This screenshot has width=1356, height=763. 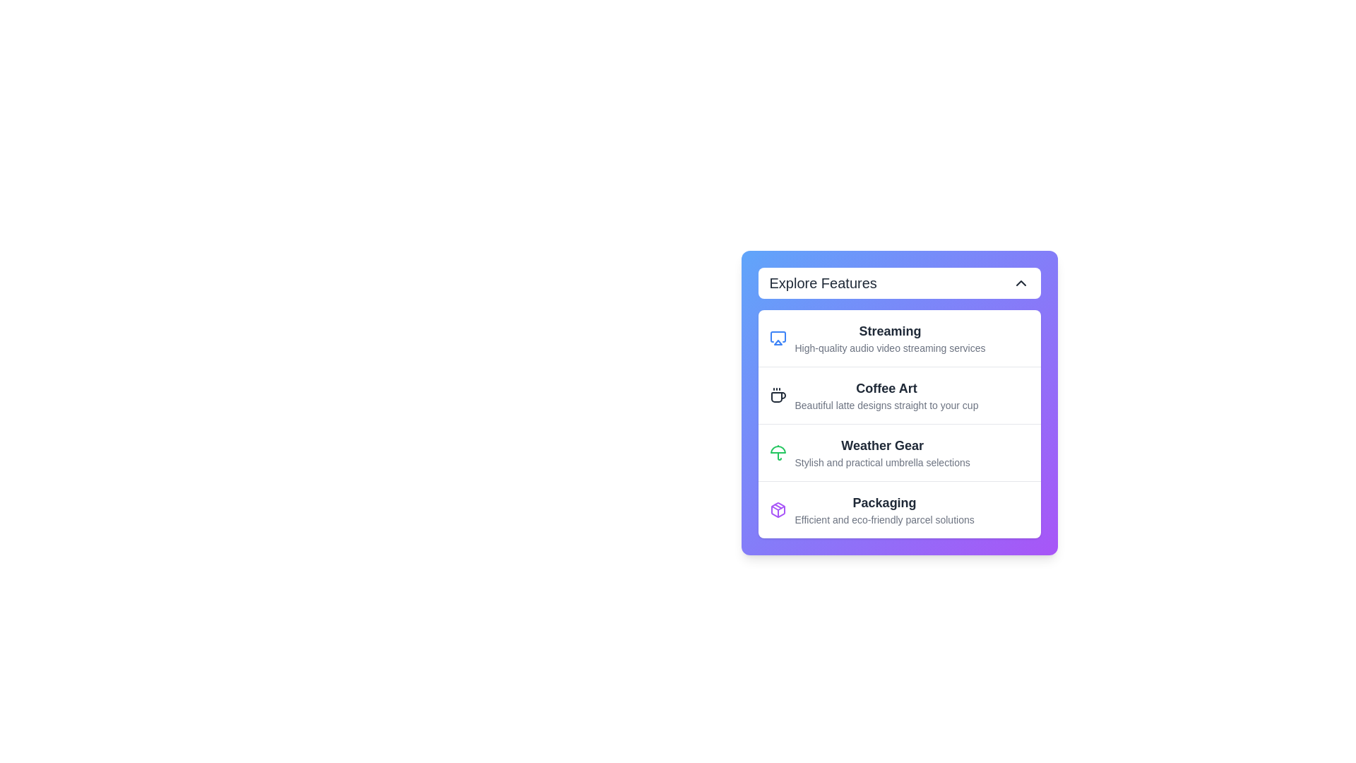 What do you see at coordinates (881, 463) in the screenshot?
I see `the text element reading 'Stylish and practical umbrella selections', which is styled in smaller gray font and located below the 'Weather Gear' heading in the features menu` at bounding box center [881, 463].